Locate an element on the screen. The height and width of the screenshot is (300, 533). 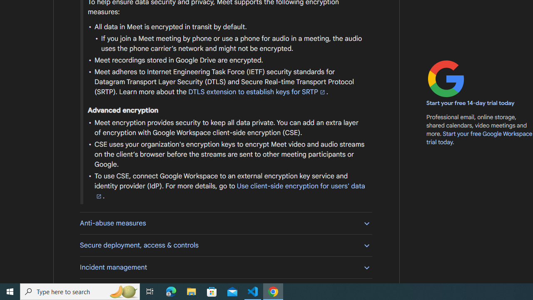
'Use client-side encryption for users' is located at coordinates (229, 191).